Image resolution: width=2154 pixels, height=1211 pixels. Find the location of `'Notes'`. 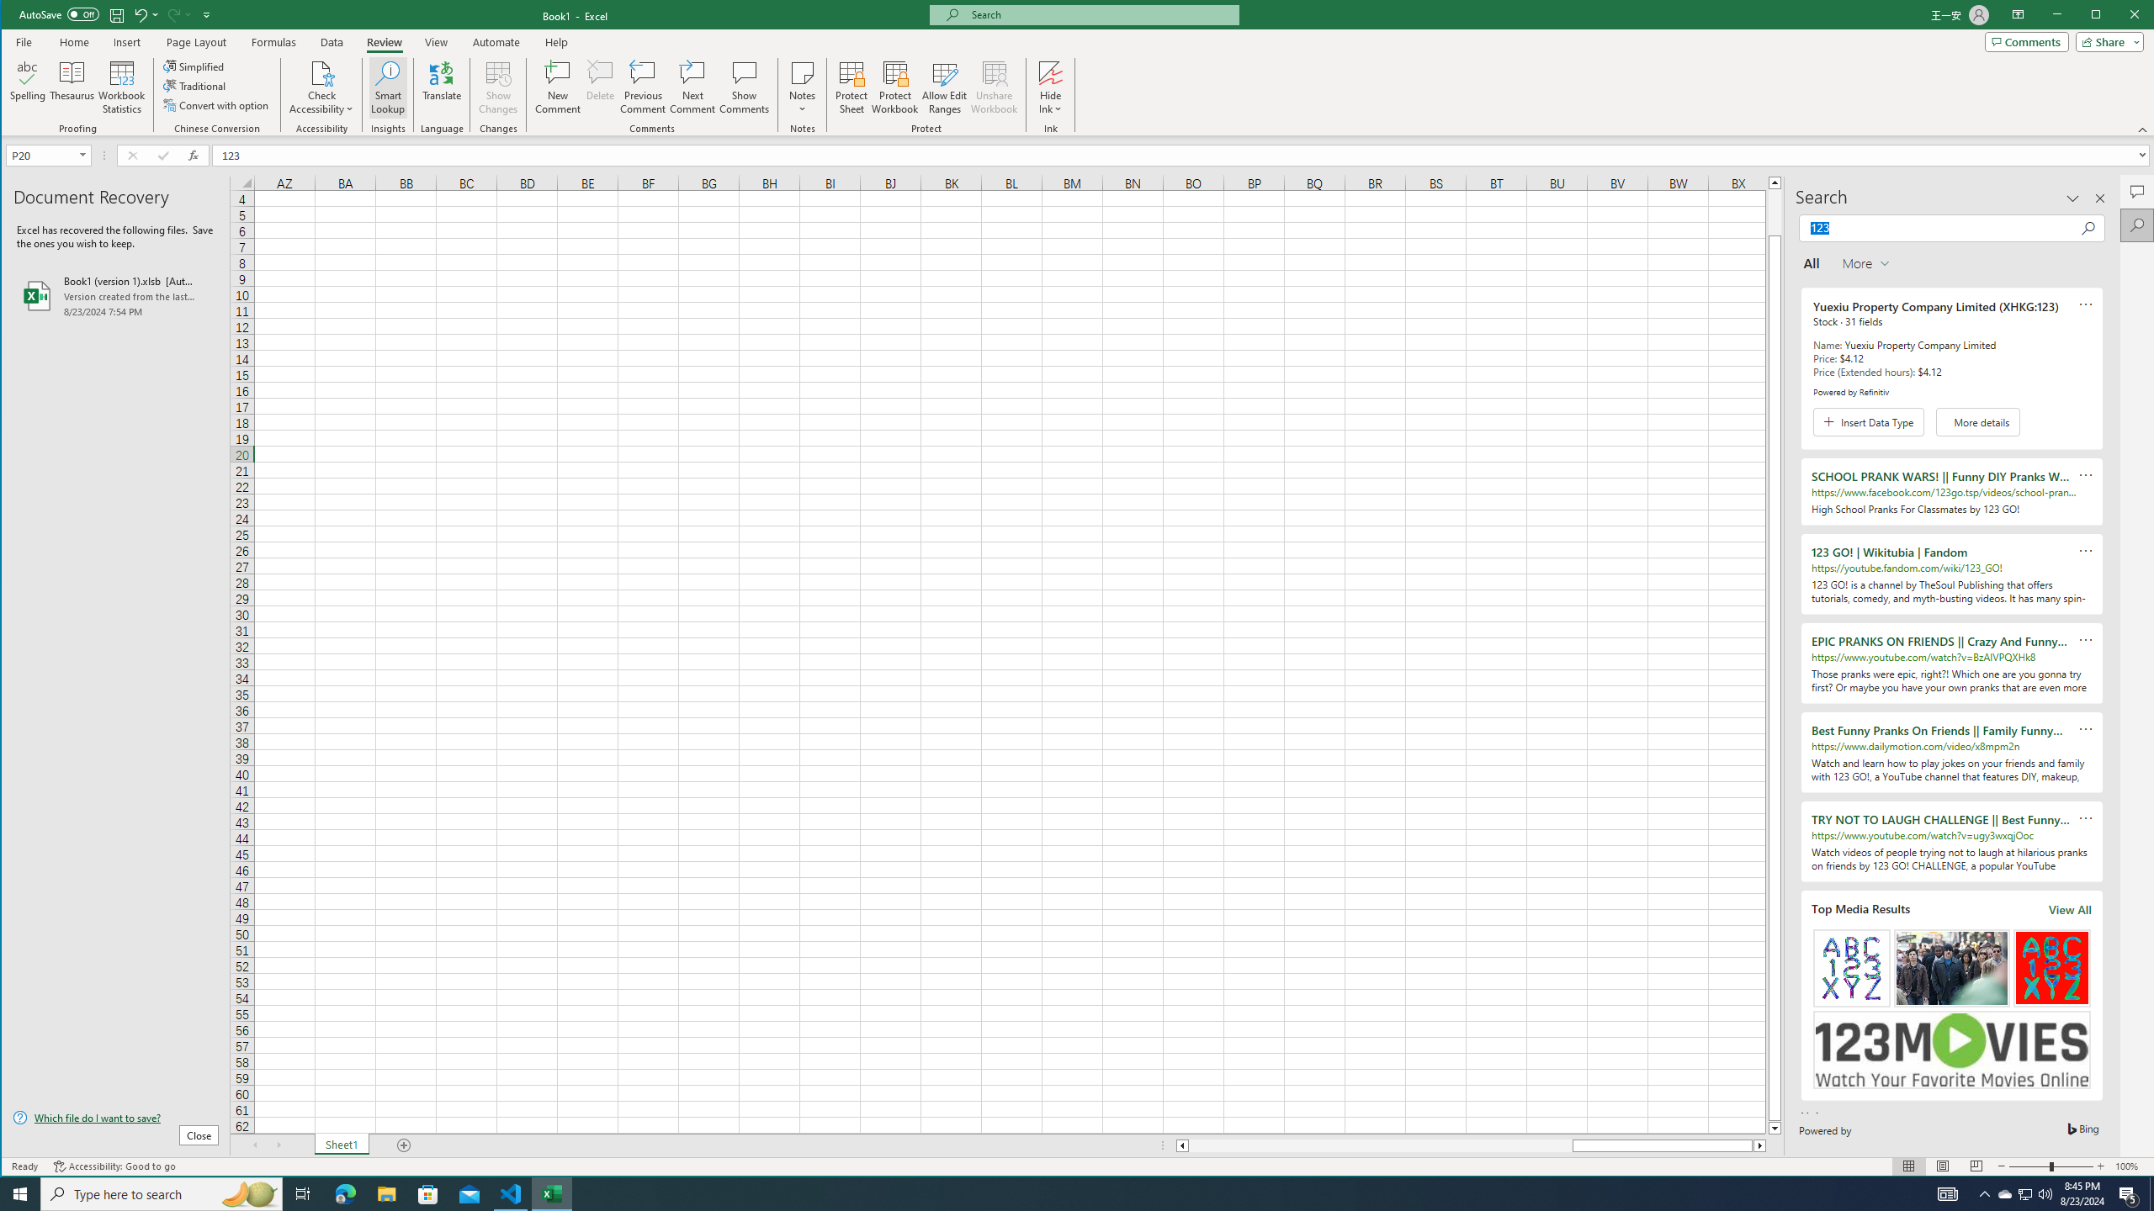

'Notes' is located at coordinates (802, 87).